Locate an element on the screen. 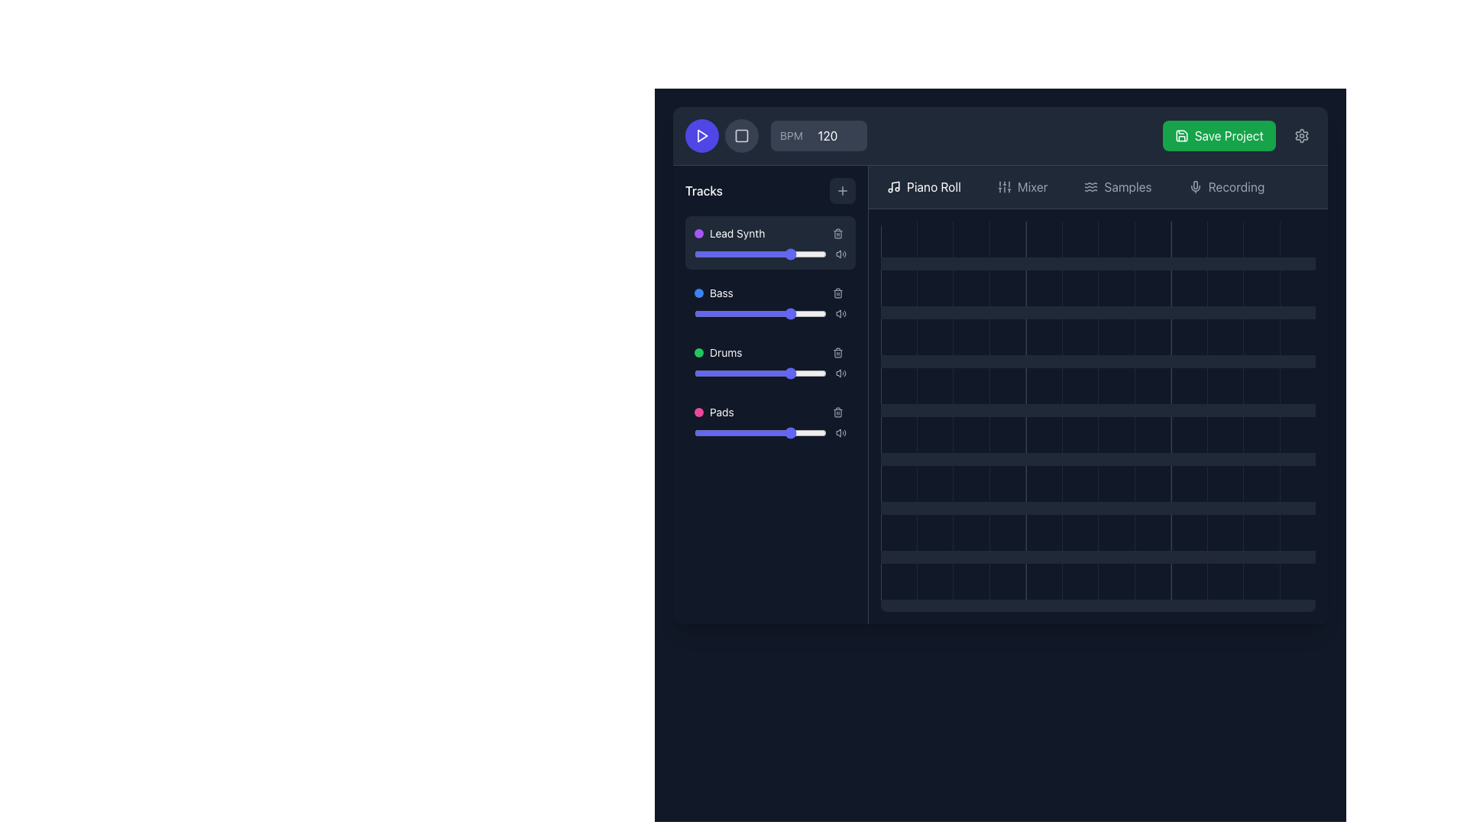 The height and width of the screenshot is (825, 1467). the square grid cell located in the sixth column of the sixth row, which is part of a 12-column grid layout in the right pane of the interface is located at coordinates (1188, 484).